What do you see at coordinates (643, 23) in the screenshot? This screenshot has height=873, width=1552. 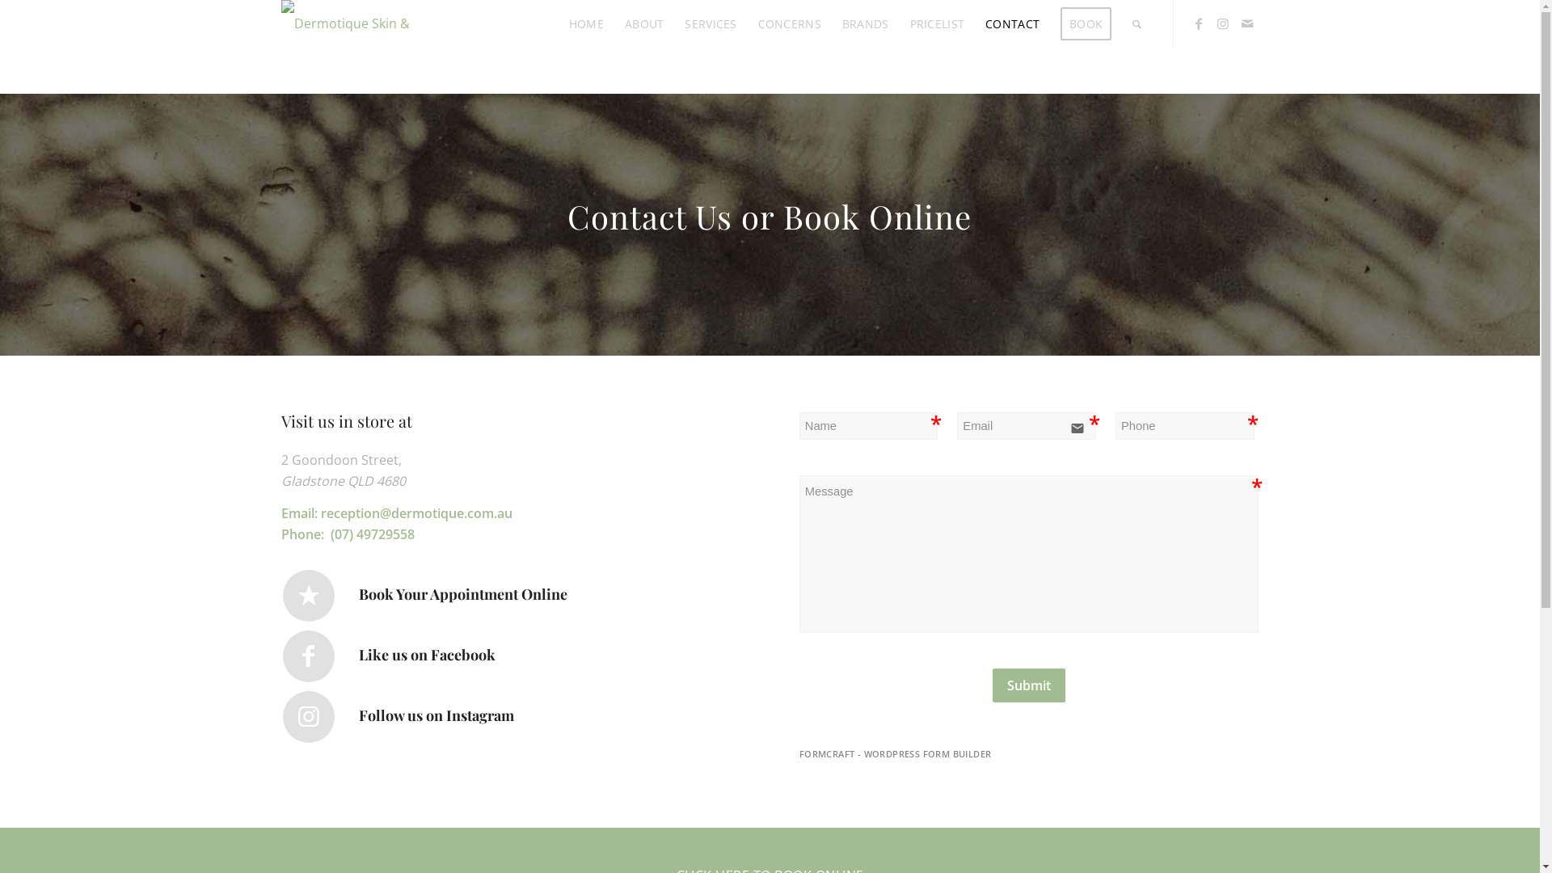 I see `'ABOUT'` at bounding box center [643, 23].